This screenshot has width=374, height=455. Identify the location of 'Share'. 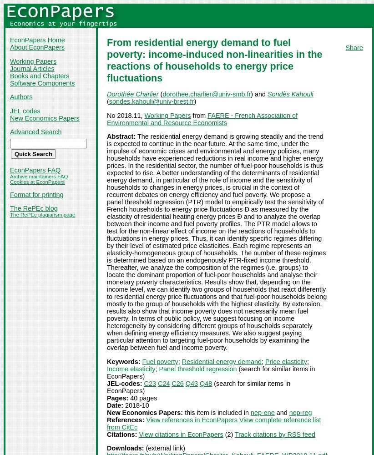
(354, 47).